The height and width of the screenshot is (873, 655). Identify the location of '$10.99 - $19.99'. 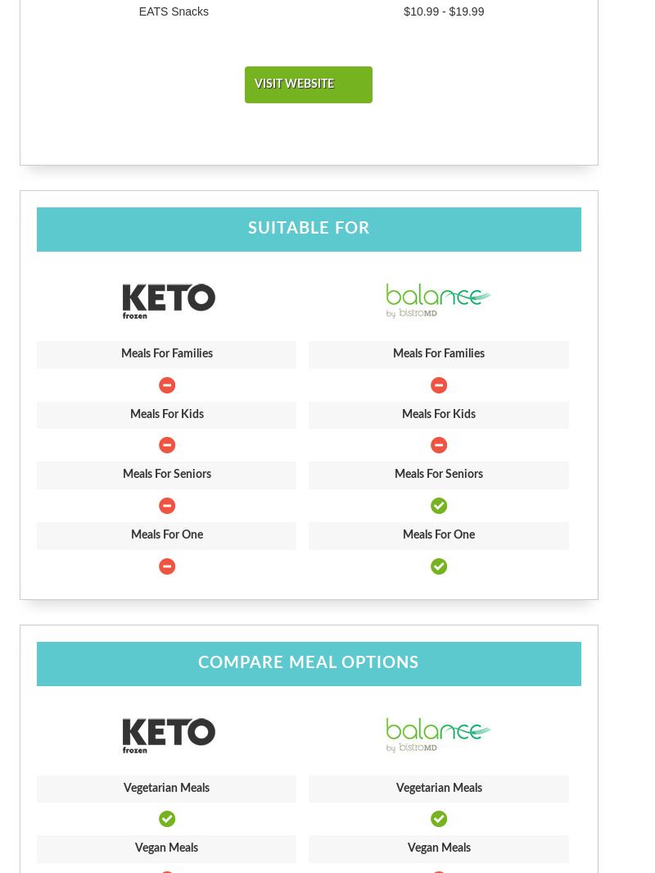
(444, 9).